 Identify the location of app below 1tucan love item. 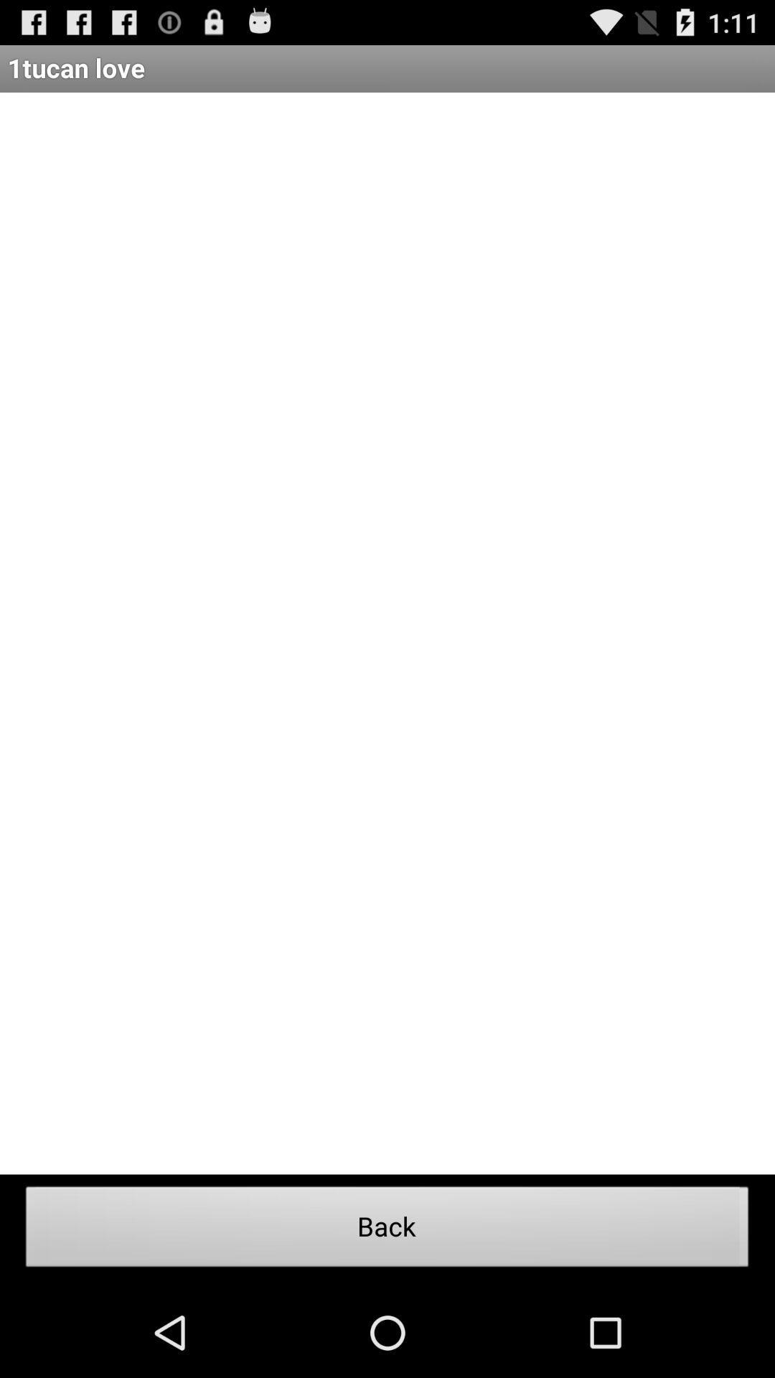
(387, 632).